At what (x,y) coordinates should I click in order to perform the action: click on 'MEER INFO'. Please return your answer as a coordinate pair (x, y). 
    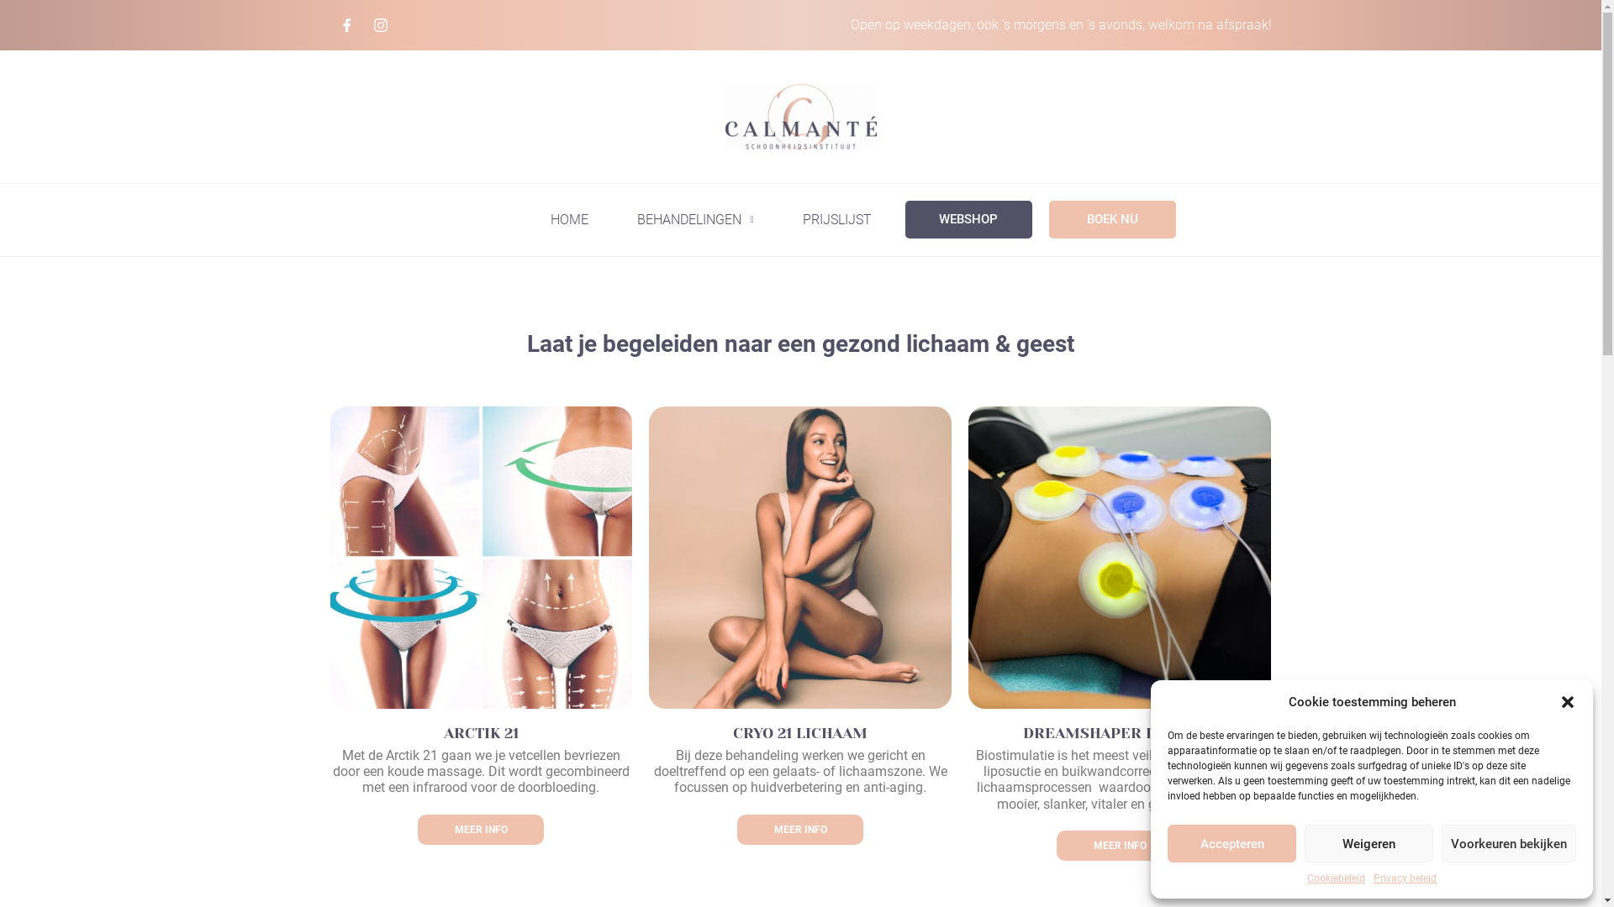
    Looking at the image, I should click on (479, 828).